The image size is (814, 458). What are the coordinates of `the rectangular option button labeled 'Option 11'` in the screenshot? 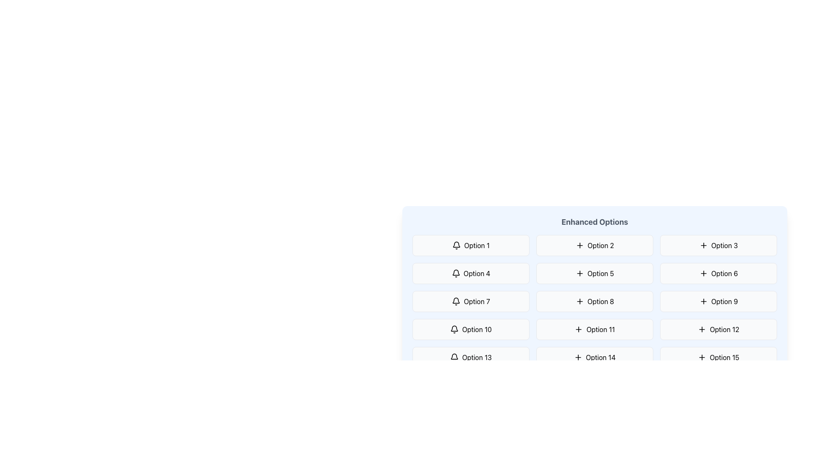 It's located at (594, 329).